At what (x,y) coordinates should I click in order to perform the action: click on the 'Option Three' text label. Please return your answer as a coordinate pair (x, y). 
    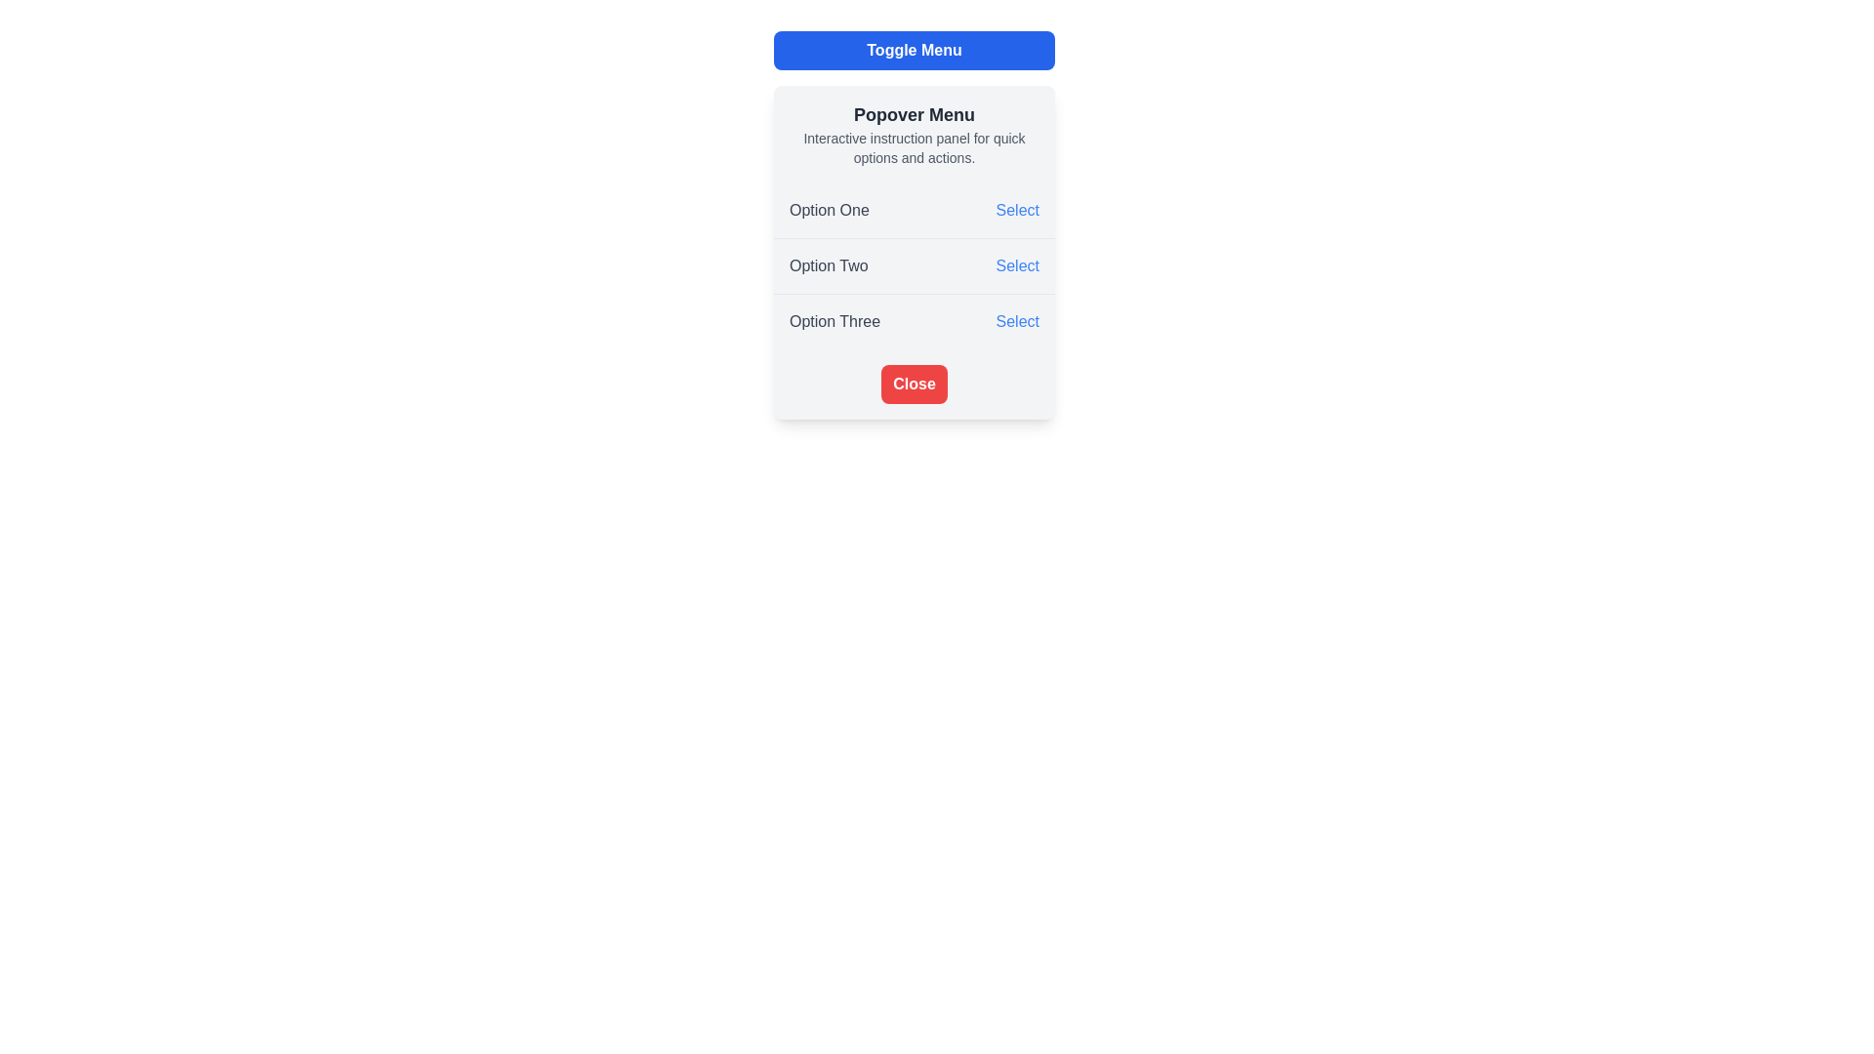
    Looking at the image, I should click on (835, 321).